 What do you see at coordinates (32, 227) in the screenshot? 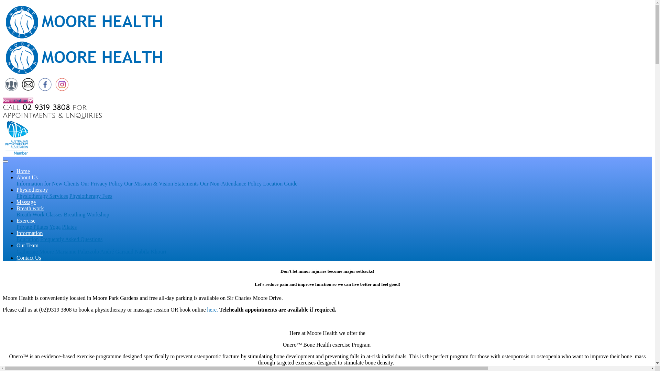
I see `'Private Pilates'` at bounding box center [32, 227].